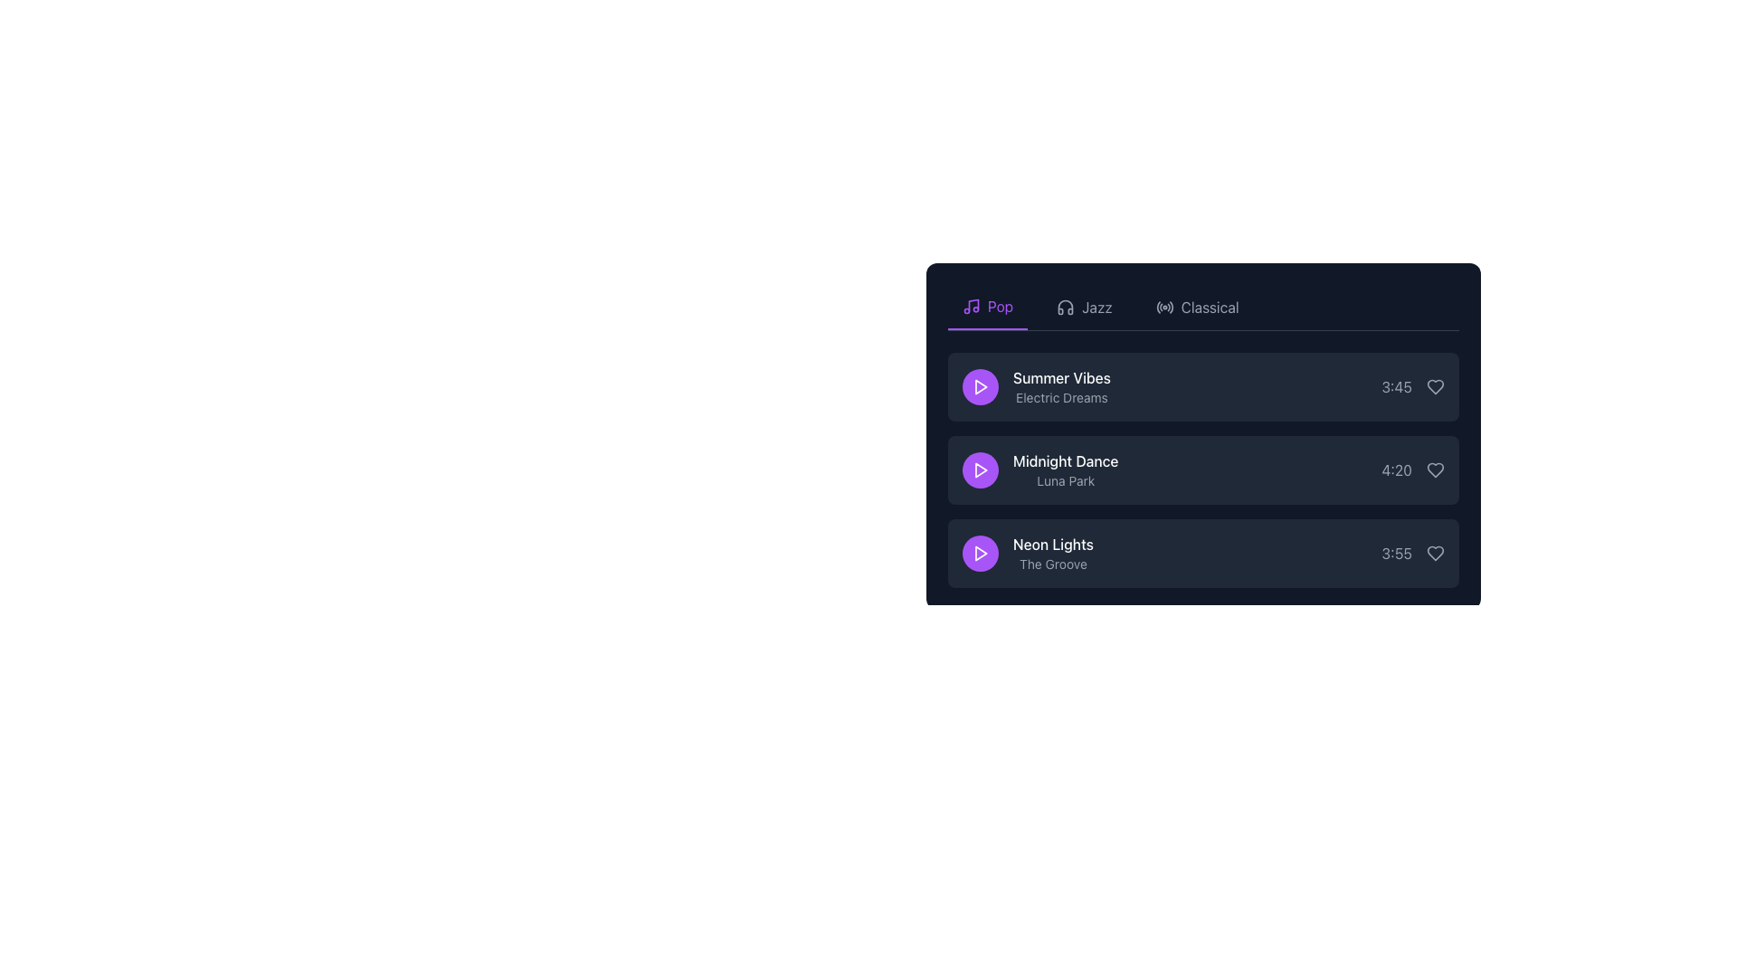 The image size is (1737, 977). I want to click on the text display of the song titled 'Summer Vibes' with the subtitle 'Electric Dreams', so click(1036, 386).